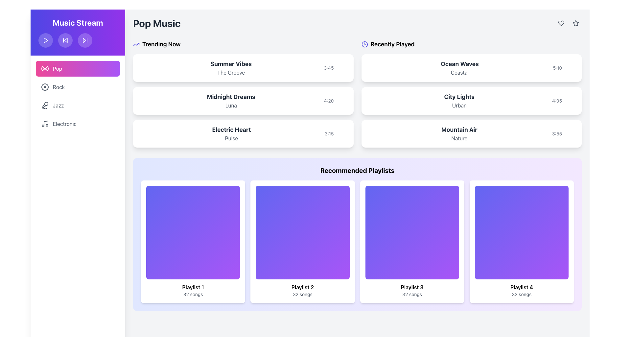 The image size is (631, 355). What do you see at coordinates (357, 170) in the screenshot?
I see `the static text header that introduces the section for recommended playlists, centrally located above the playlist cards` at bounding box center [357, 170].